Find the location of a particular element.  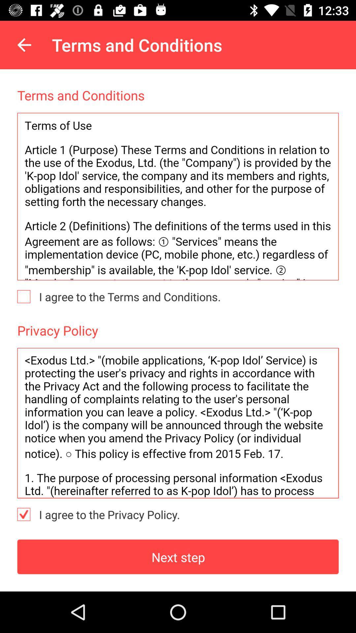

advertisement is located at coordinates (178, 423).